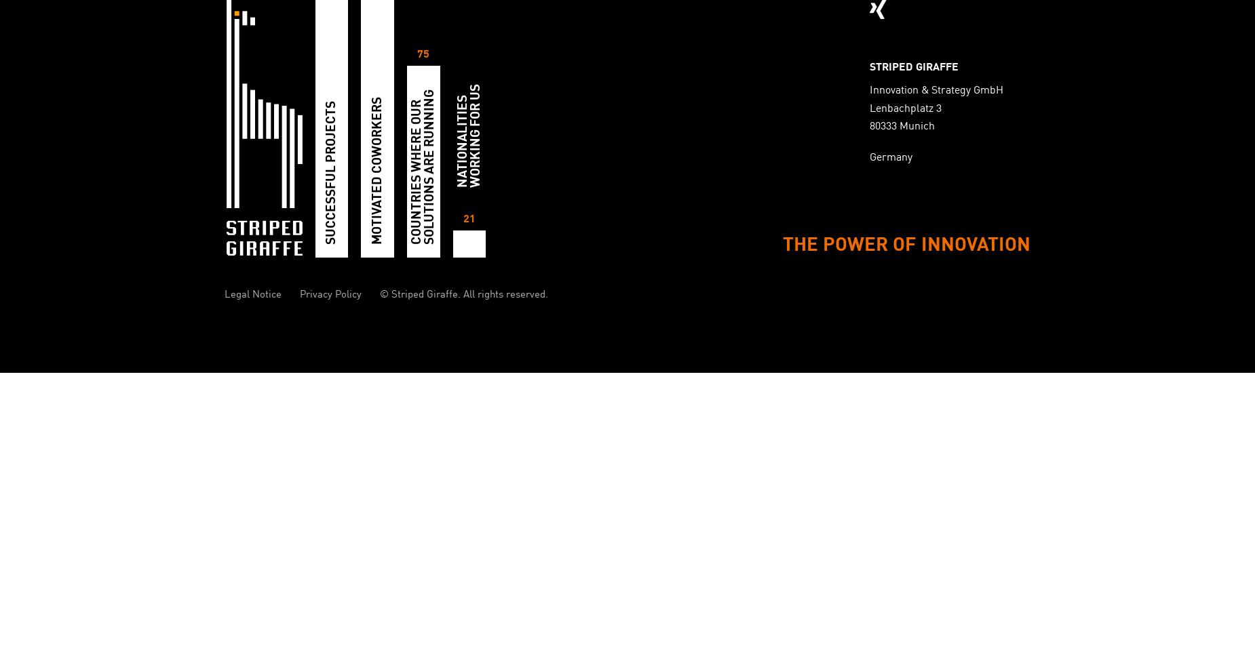 This screenshot has height=646, width=1255. Describe the element at coordinates (468, 219) in the screenshot. I see `'21'` at that location.